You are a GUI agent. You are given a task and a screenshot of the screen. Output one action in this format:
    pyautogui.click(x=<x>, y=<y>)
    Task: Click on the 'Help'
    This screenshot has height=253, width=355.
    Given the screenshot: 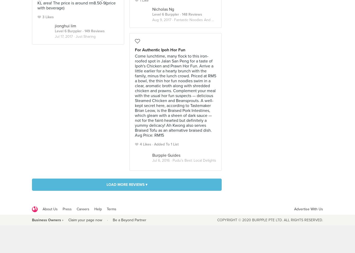 What is the action you would take?
    pyautogui.click(x=98, y=209)
    